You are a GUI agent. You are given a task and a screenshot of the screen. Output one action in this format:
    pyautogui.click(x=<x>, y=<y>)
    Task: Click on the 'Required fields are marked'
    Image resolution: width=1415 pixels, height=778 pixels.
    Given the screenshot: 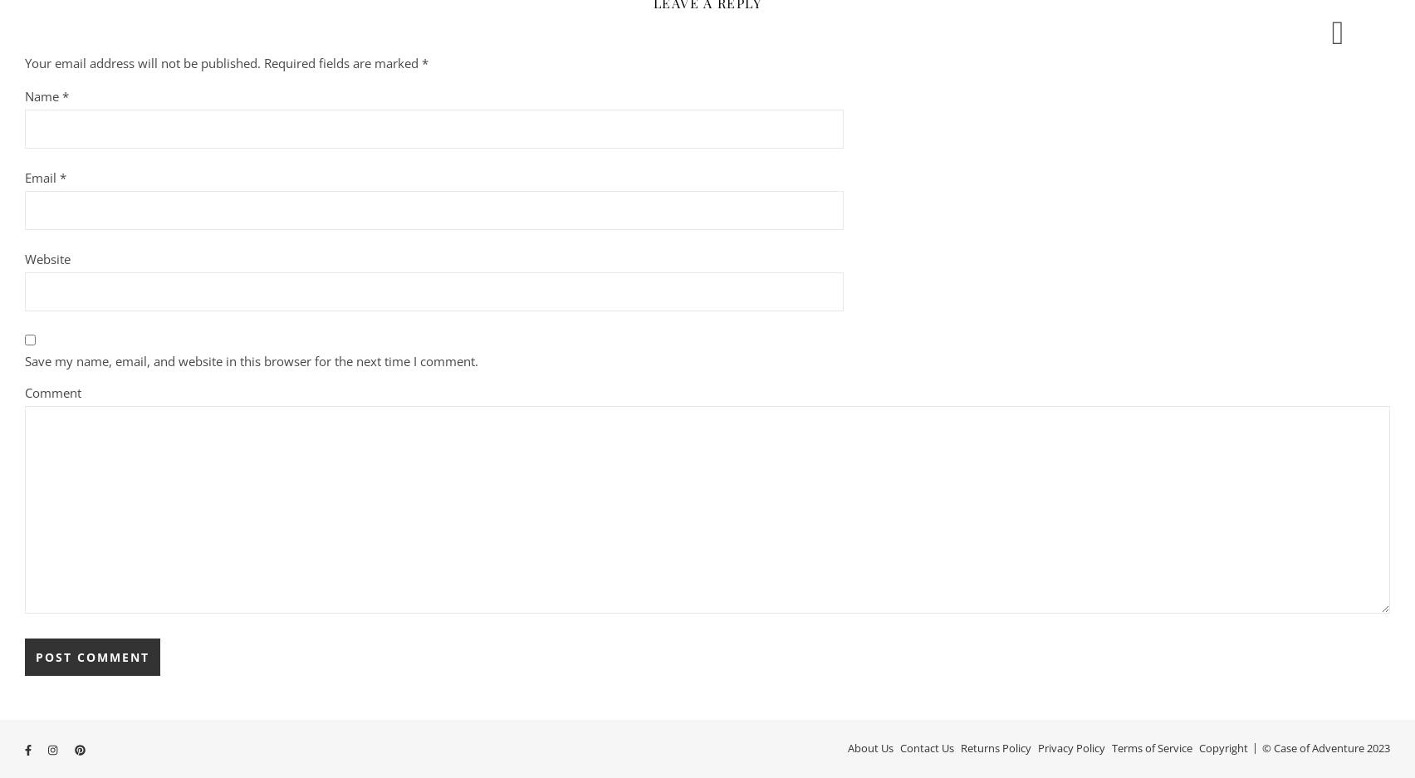 What is the action you would take?
    pyautogui.click(x=342, y=61)
    